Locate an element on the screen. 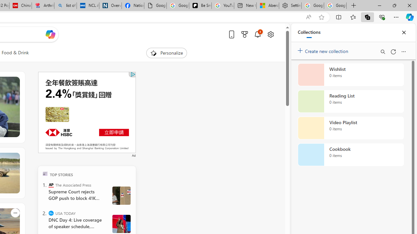  'Microsoft rewards' is located at coordinates (244, 34).